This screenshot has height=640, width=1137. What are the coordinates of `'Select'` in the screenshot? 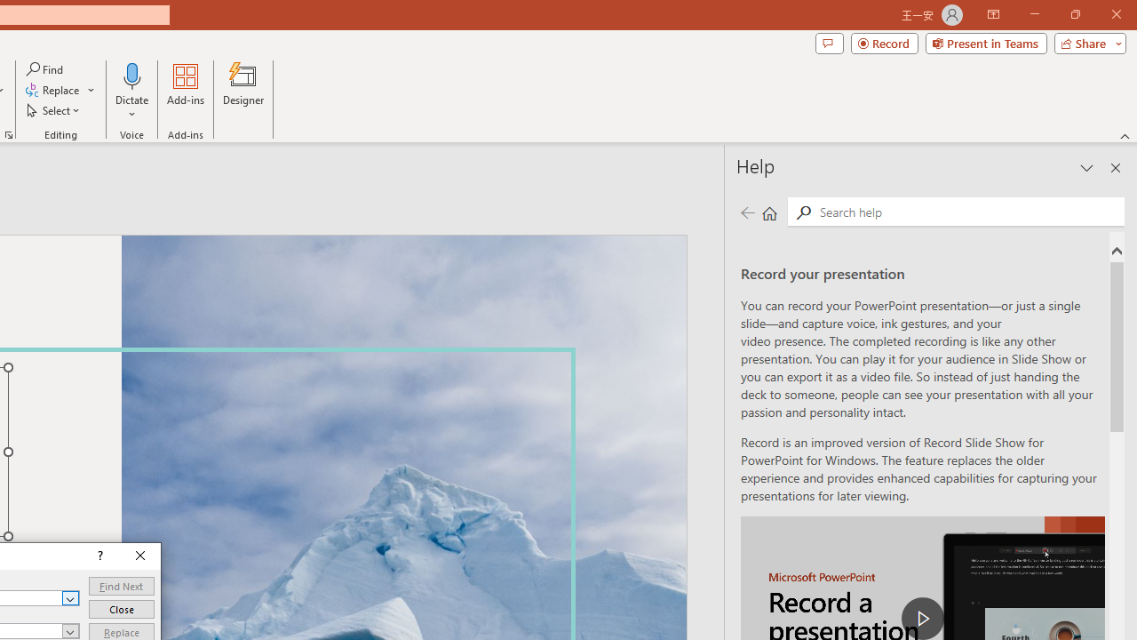 It's located at (54, 110).